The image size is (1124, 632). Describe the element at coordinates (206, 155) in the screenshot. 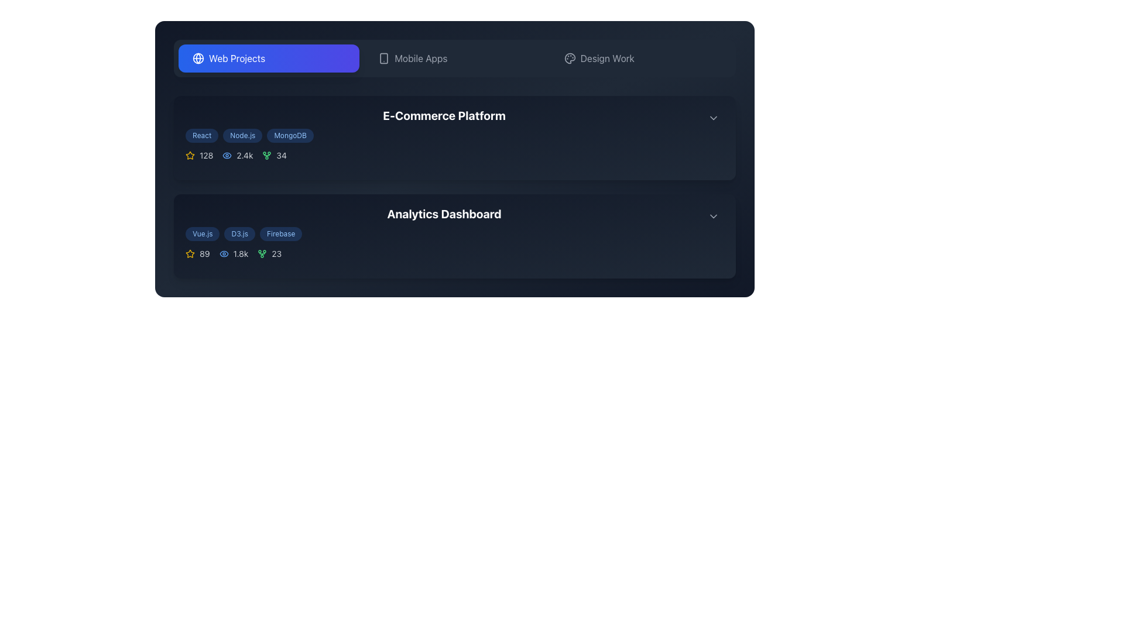

I see `the static text '128' indicating a count or rating next to the star icon in the 'E-Commerce Platform' card within the 'Web Projects' section` at that location.